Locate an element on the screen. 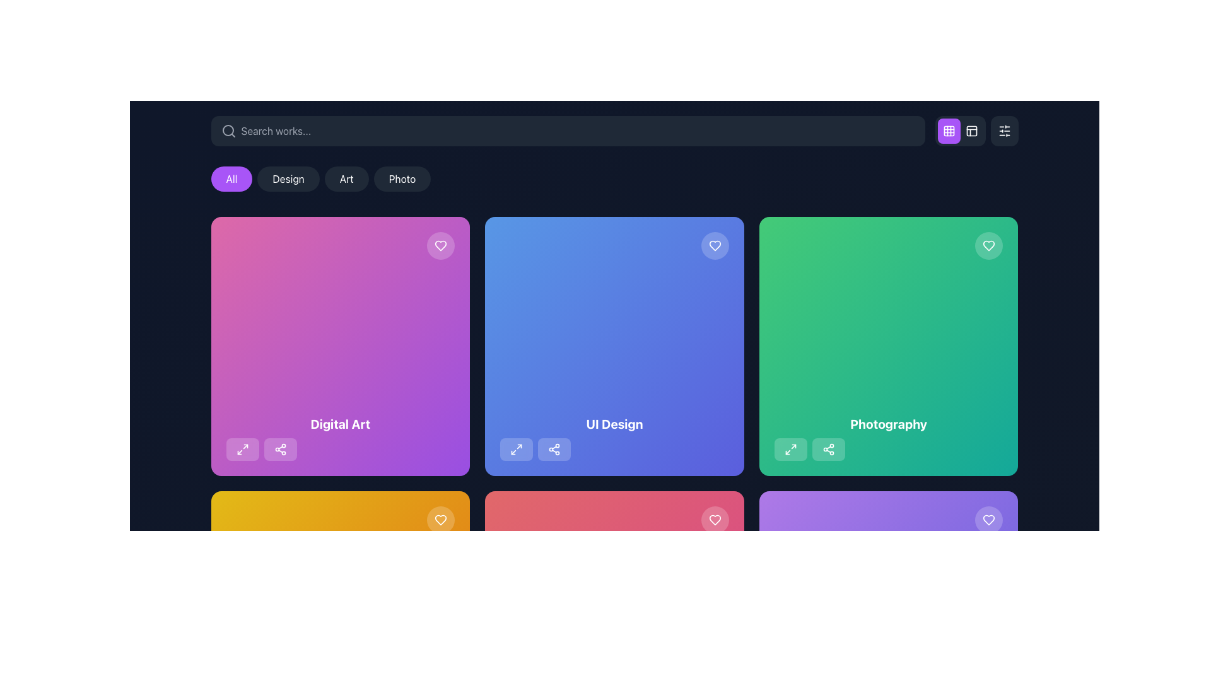 This screenshot has width=1211, height=681. the decorative rectangular shape with rounded corners located in the upper-right corner of the application interface is located at coordinates (971, 131).